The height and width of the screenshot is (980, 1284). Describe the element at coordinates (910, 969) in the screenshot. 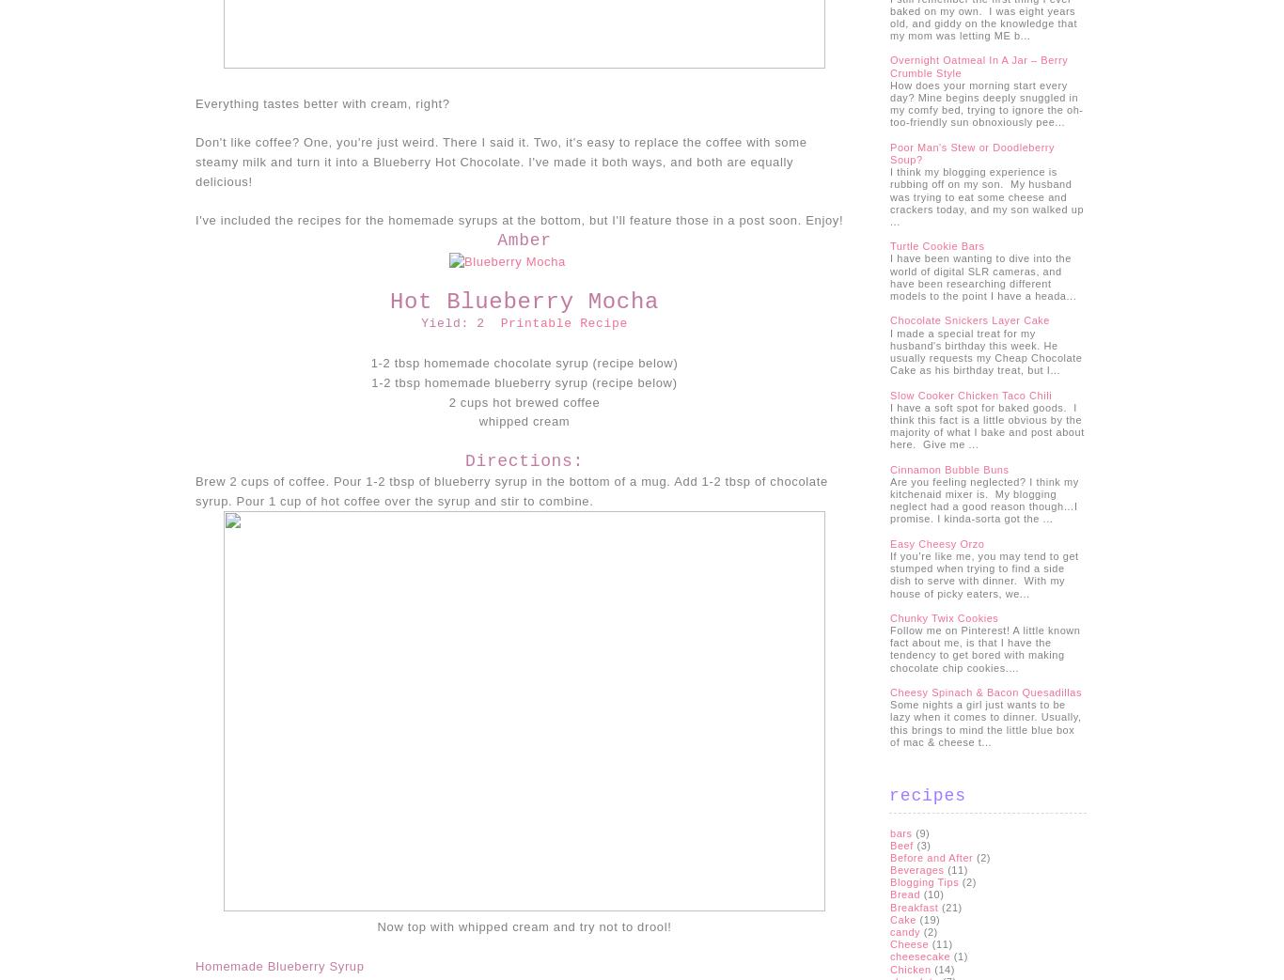

I see `'Chicken'` at that location.